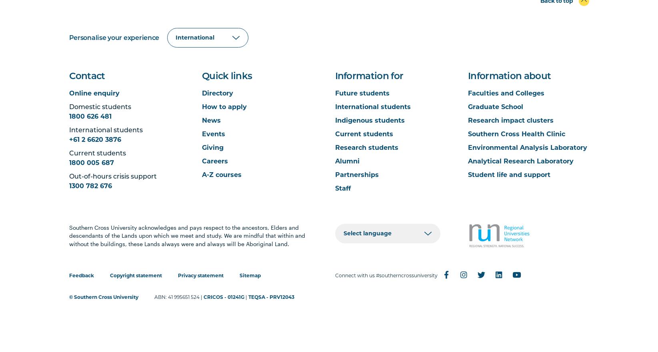 This screenshot has height=352, width=658. I want to click on 'Contact', so click(86, 76).